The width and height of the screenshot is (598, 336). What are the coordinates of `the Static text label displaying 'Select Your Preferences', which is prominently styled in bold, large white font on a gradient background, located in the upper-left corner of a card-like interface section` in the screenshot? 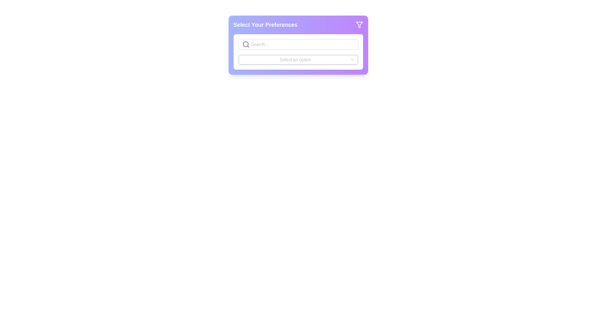 It's located at (265, 25).